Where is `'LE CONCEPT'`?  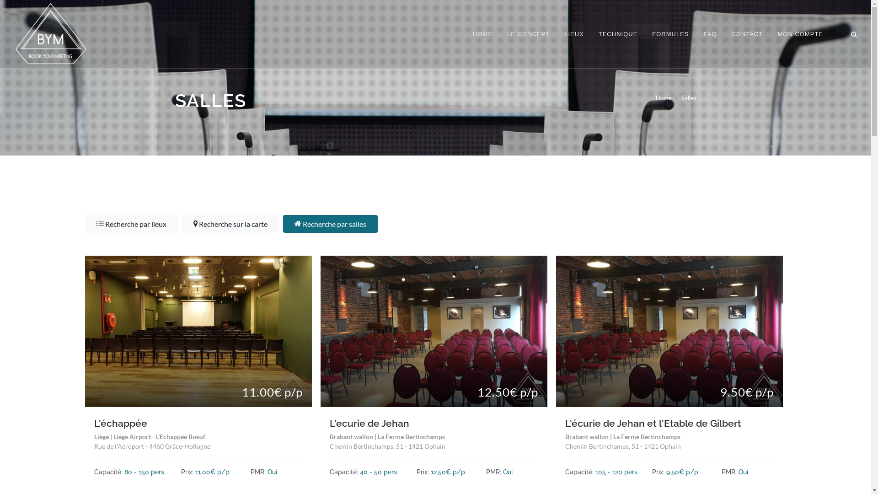
'LE CONCEPT' is located at coordinates (528, 33).